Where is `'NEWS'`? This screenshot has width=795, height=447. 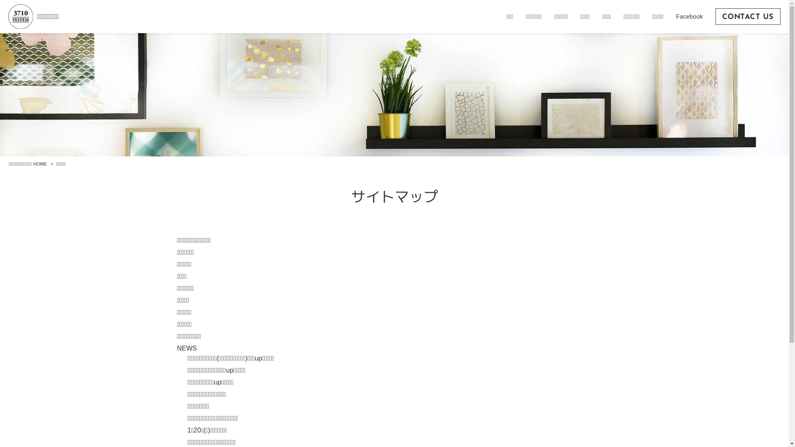
'NEWS' is located at coordinates (186, 348).